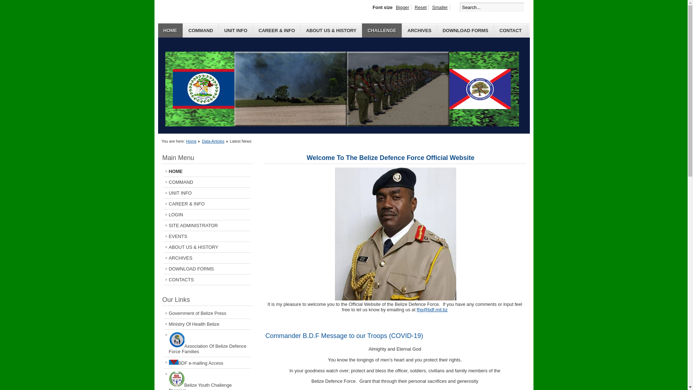 Image resolution: width=693 pixels, height=390 pixels. What do you see at coordinates (183, 30) in the screenshot?
I see `'COMMAND'` at bounding box center [183, 30].